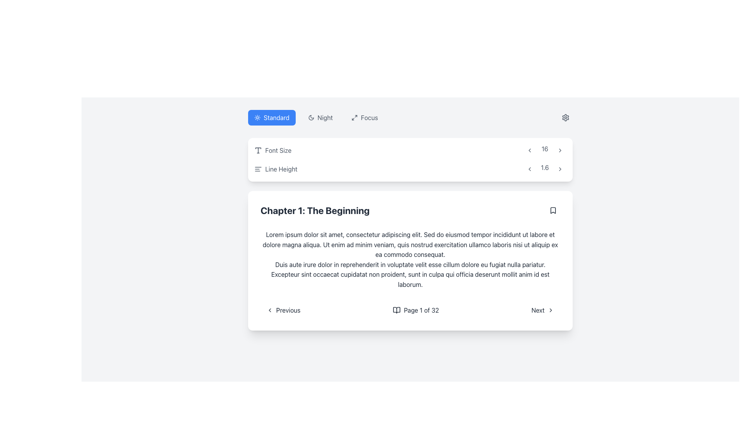 Image resolution: width=749 pixels, height=421 pixels. I want to click on the icon representing the 'Night' theme toggle located in the top-center section of the interface, so click(311, 117).